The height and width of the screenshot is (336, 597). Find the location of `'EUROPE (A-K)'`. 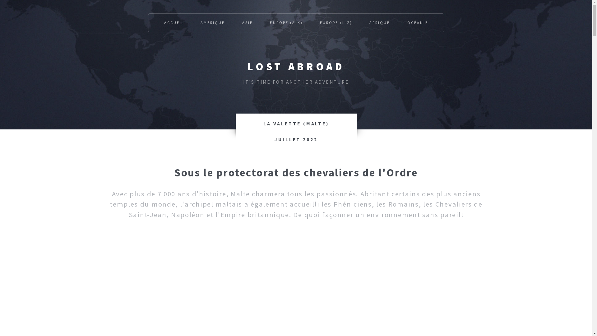

'EUROPE (A-K)' is located at coordinates (286, 22).